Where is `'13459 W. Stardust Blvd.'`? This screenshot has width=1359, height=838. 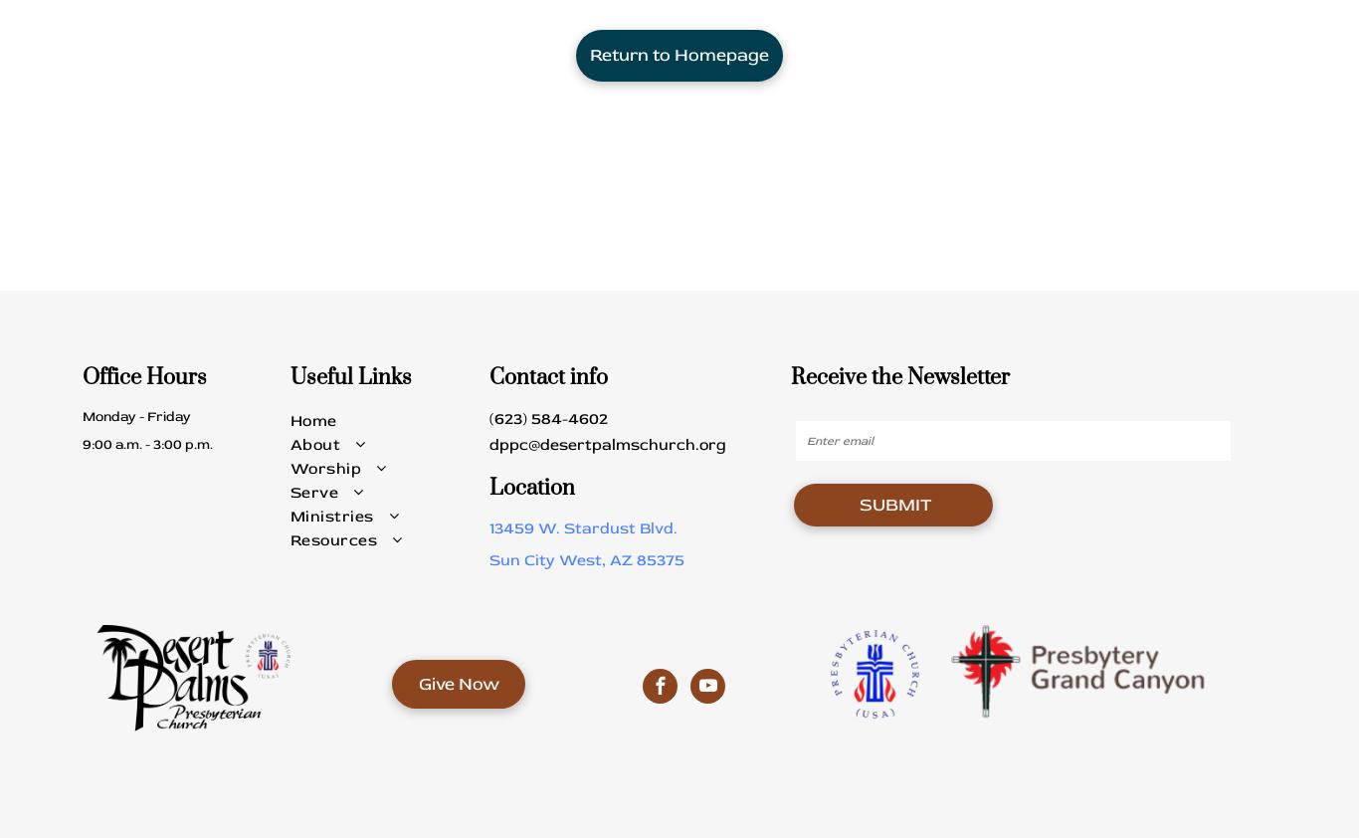
'13459 W. Stardust Blvd.' is located at coordinates (582, 526).